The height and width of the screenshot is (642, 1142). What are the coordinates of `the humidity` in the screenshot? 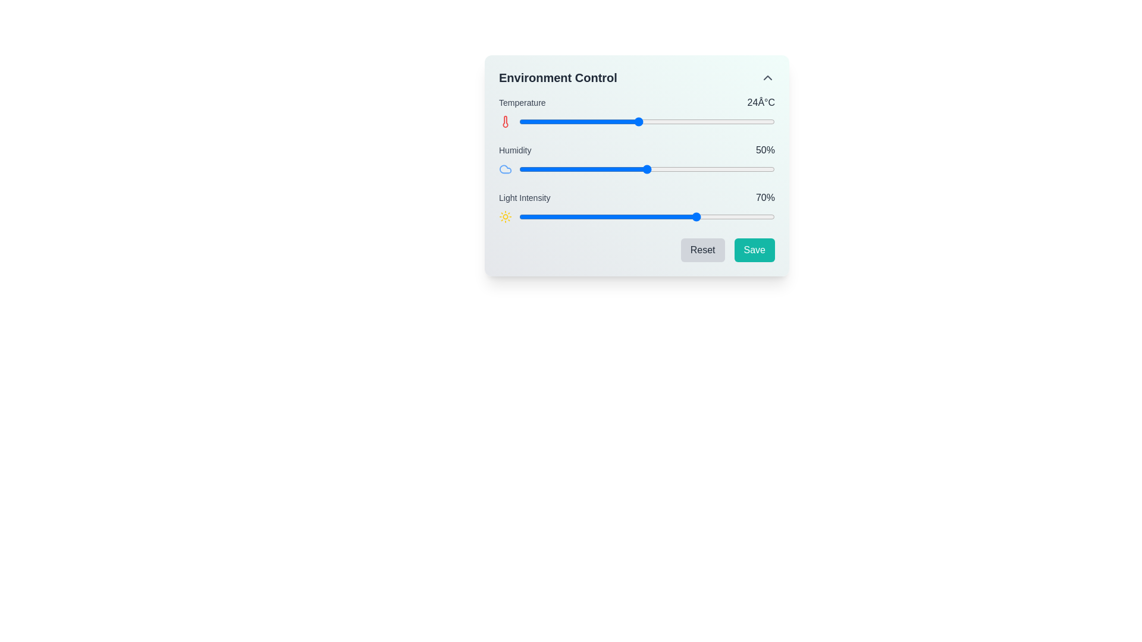 It's located at (526, 169).